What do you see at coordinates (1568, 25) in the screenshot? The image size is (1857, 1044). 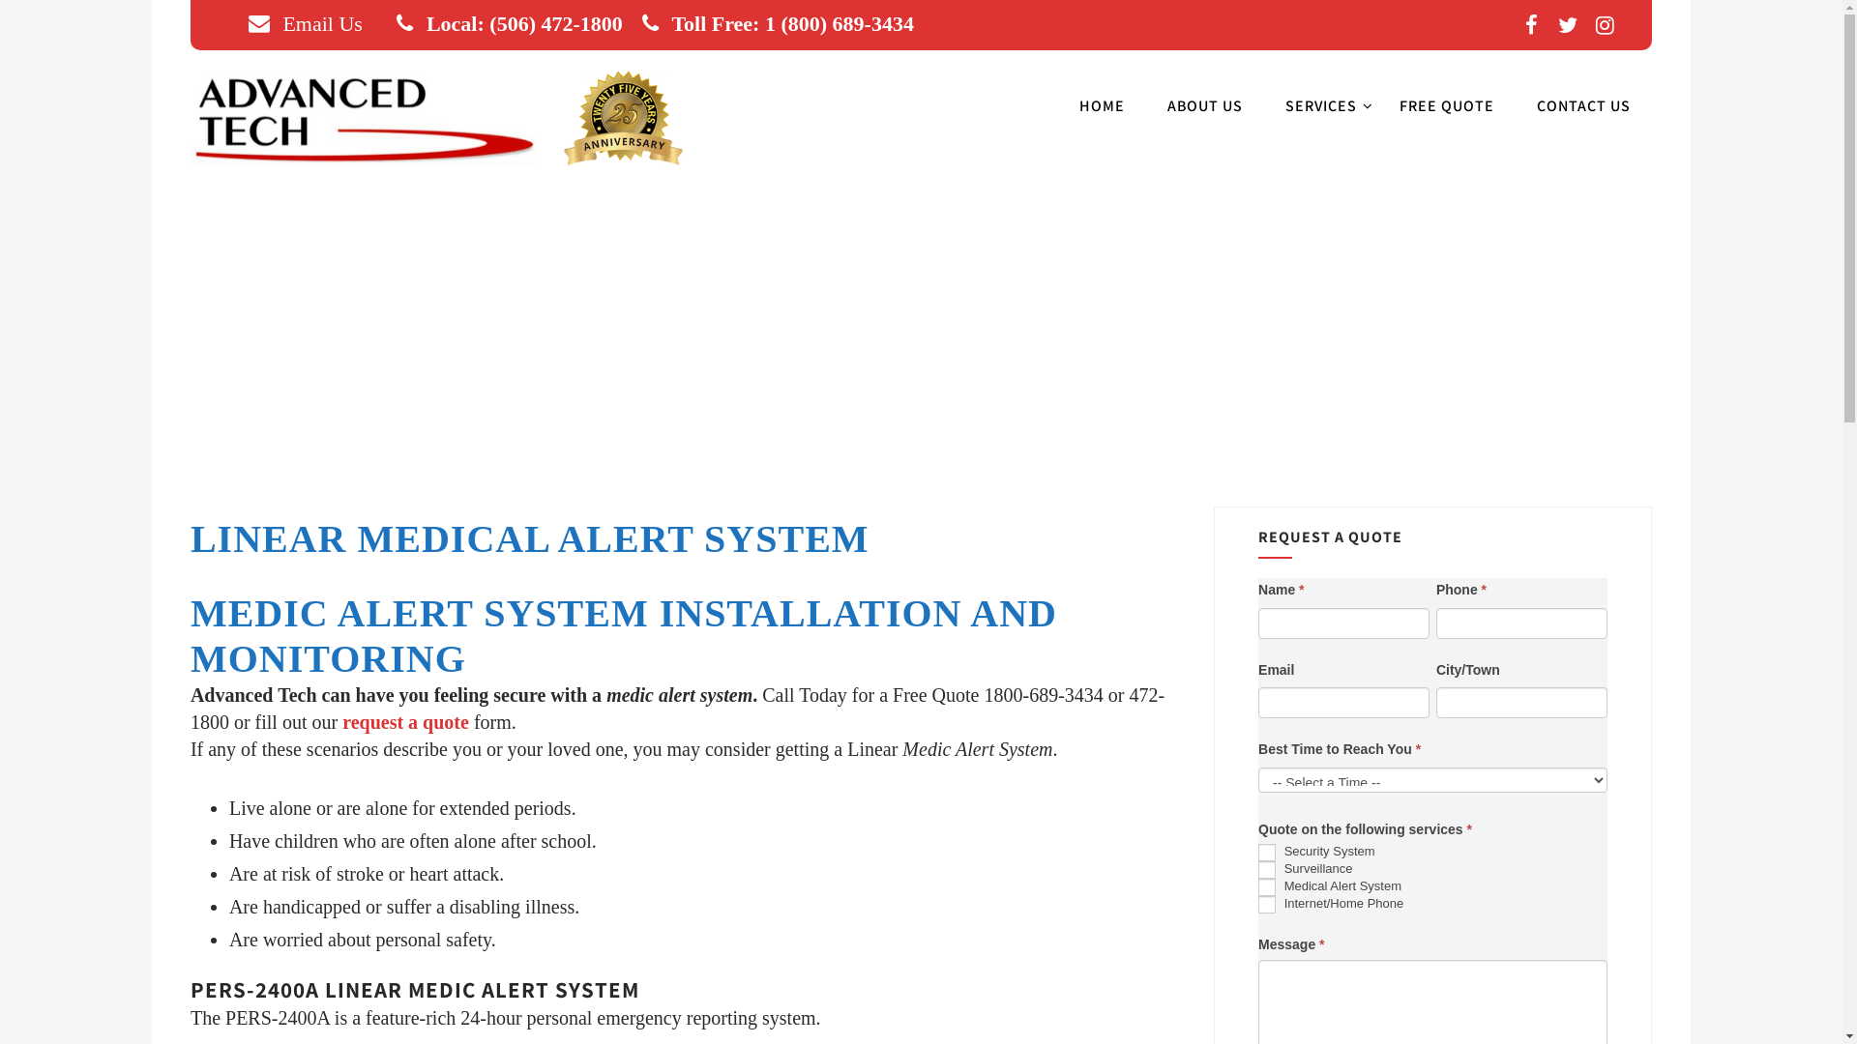 I see `'twitter'` at bounding box center [1568, 25].